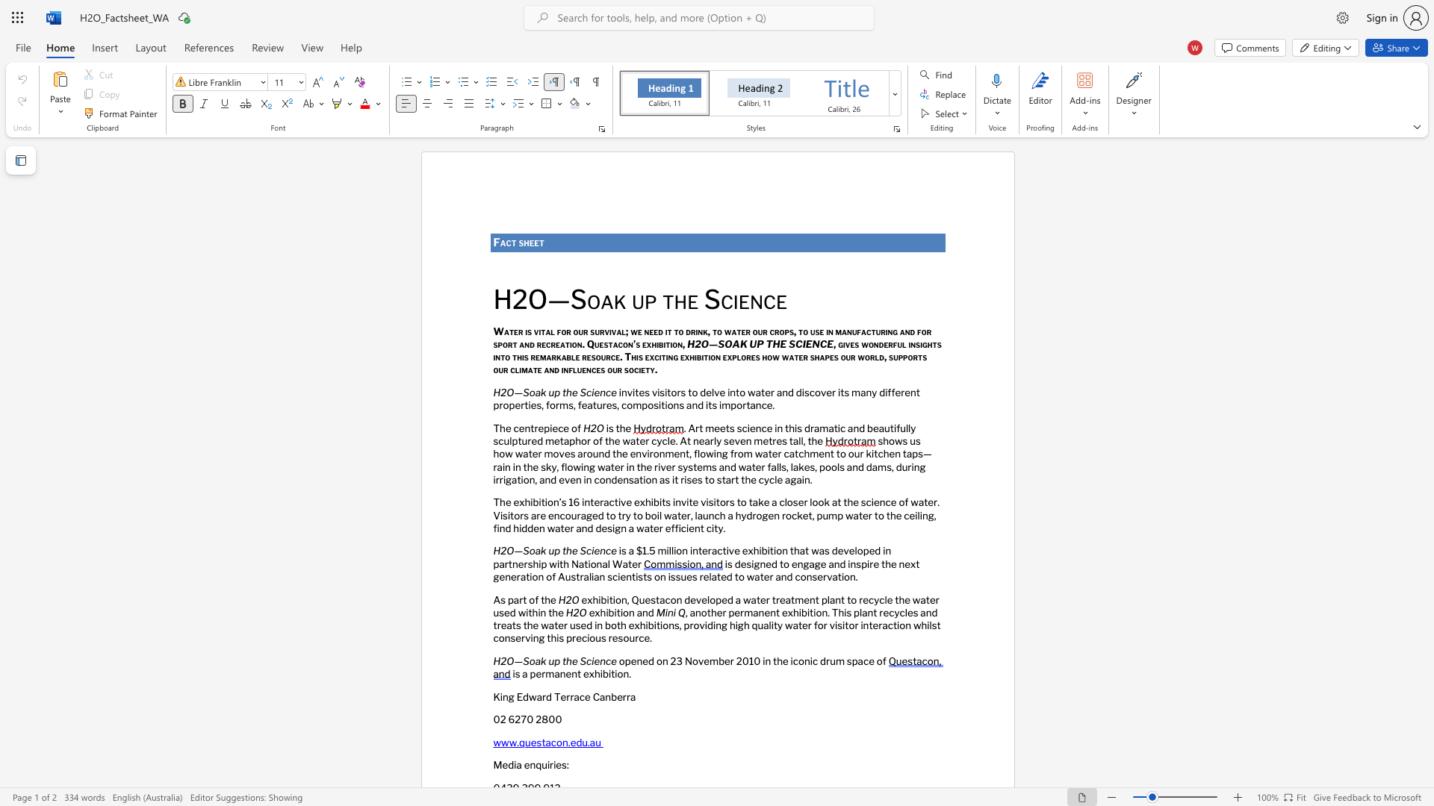  Describe the element at coordinates (541, 674) in the screenshot. I see `the subset text "rmanent exhibitio" within the text "is a permanent exhibition."` at that location.